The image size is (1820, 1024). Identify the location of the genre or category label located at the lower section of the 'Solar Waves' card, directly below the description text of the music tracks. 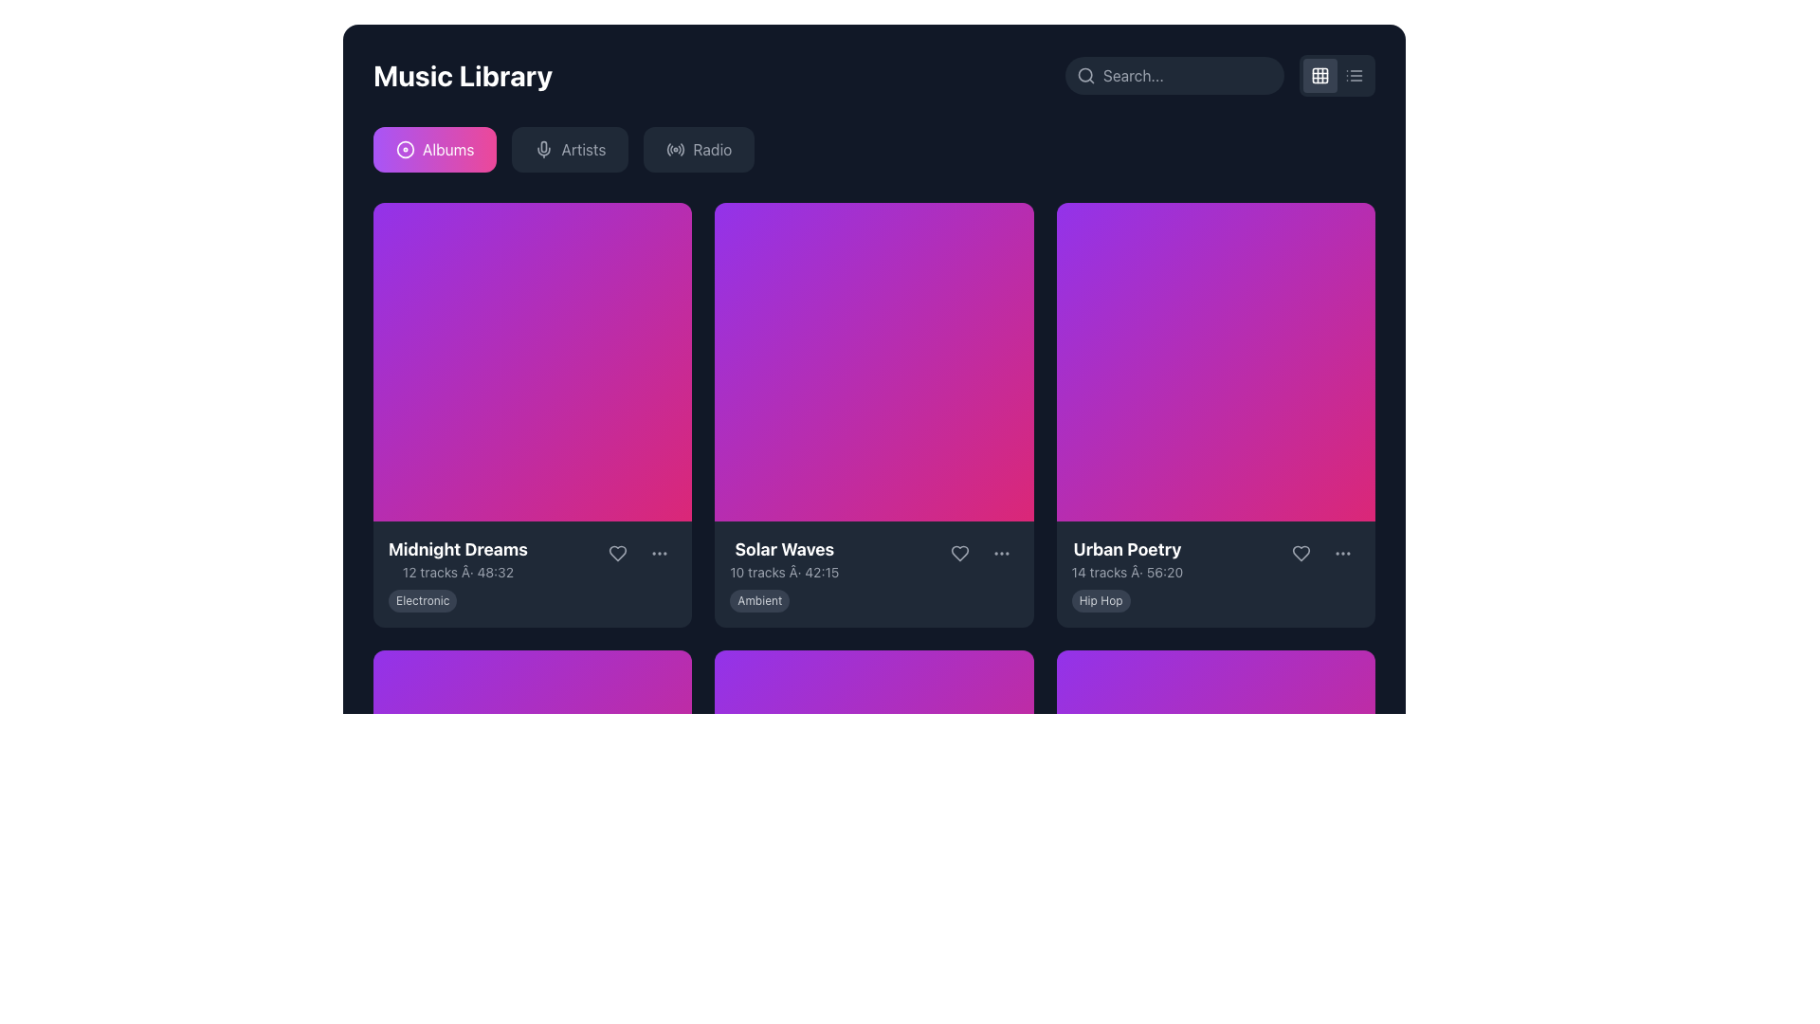
(759, 601).